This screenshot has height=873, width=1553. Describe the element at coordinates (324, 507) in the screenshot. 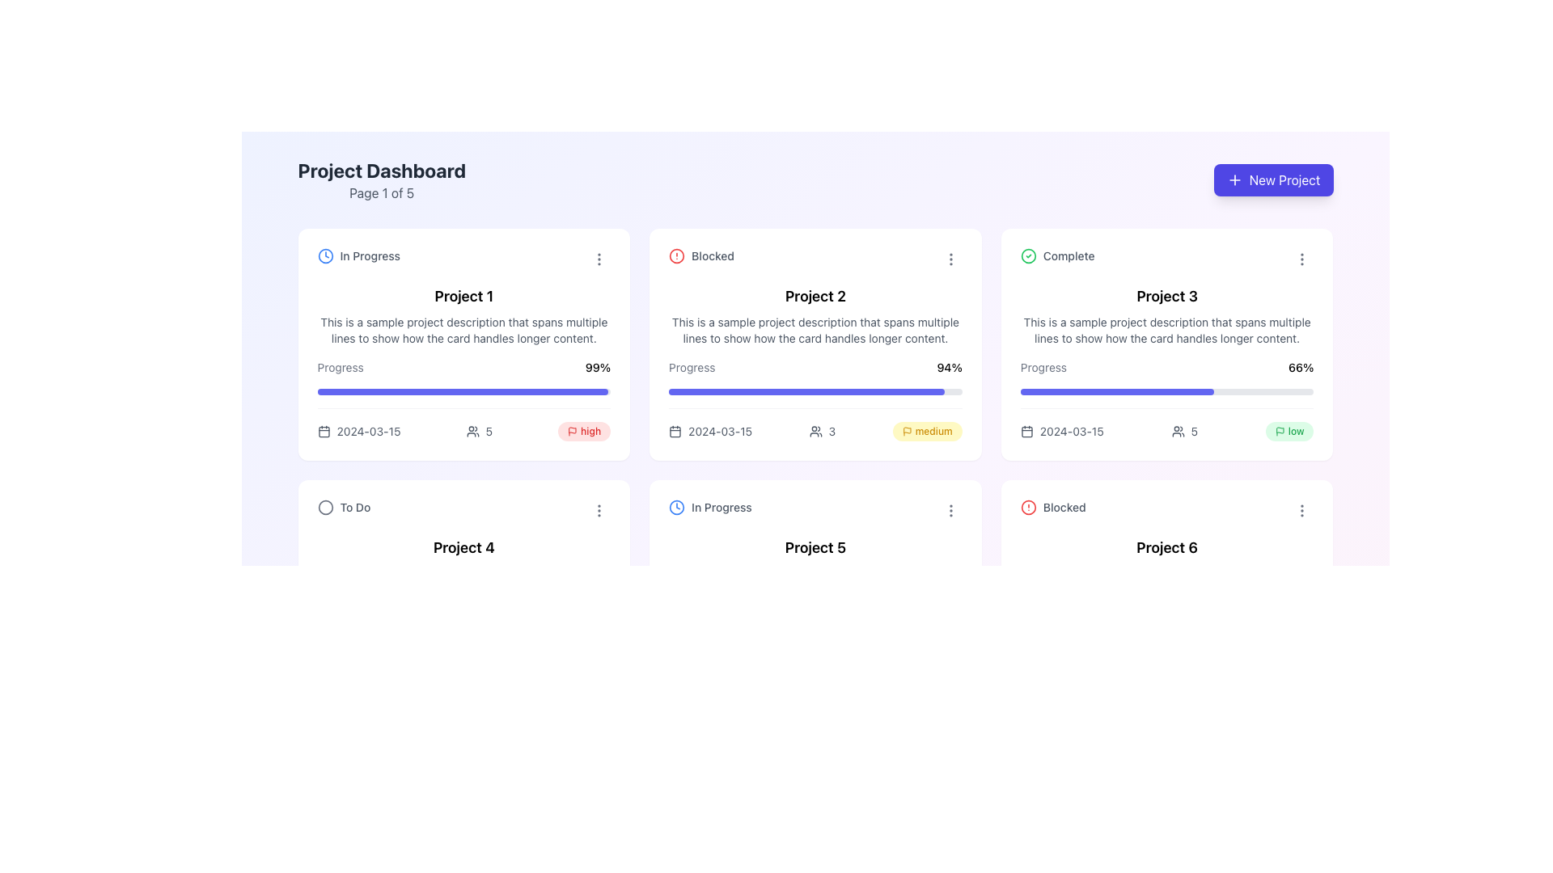

I see `the circular outline icon styled with a gray fill, which is adjacent to the 'To Do' text label, to interact with it` at that location.